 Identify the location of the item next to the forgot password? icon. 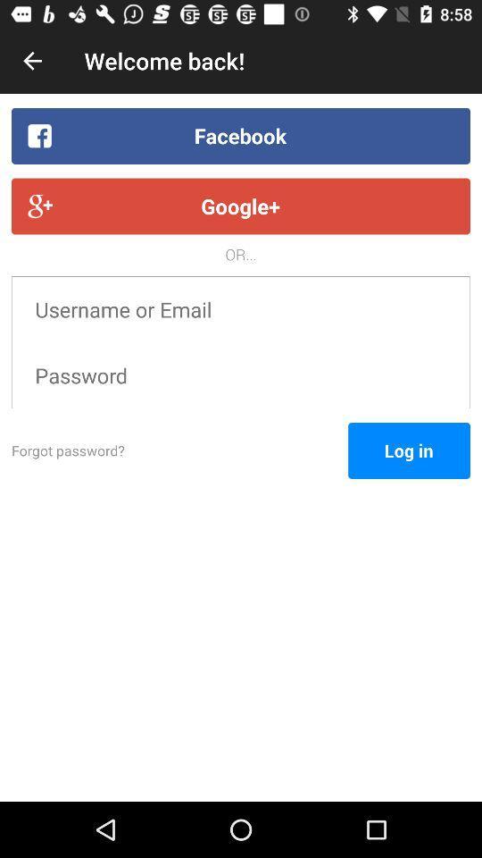
(409, 450).